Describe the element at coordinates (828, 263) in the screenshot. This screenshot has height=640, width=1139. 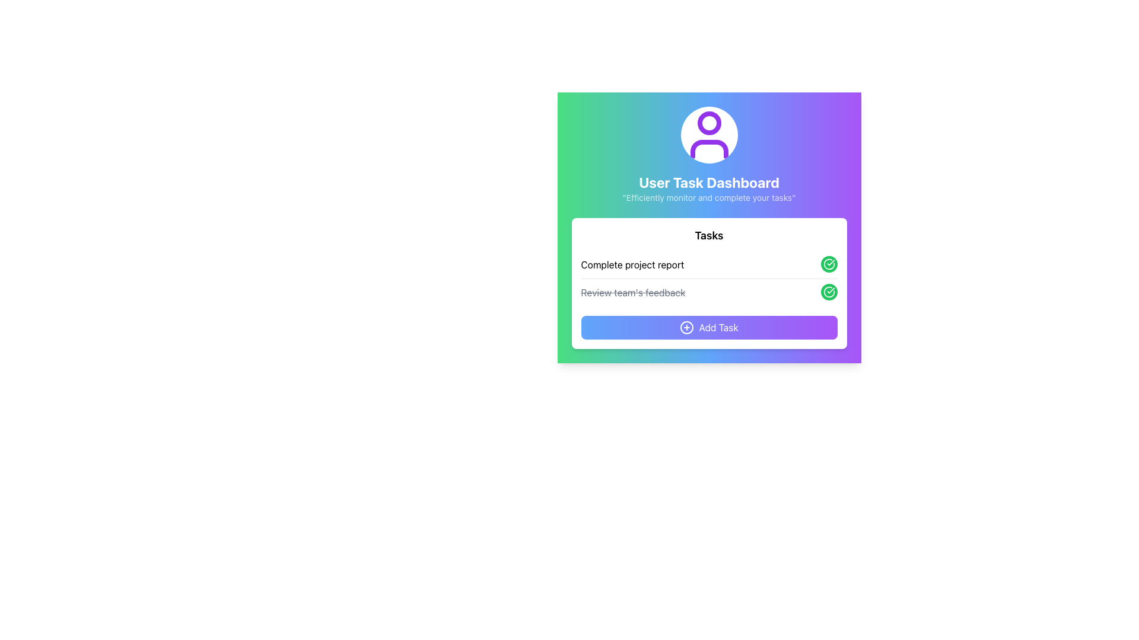
I see `the completion icon located in the second task row's action button on the right side of the task list card, indicating successful completion` at that location.